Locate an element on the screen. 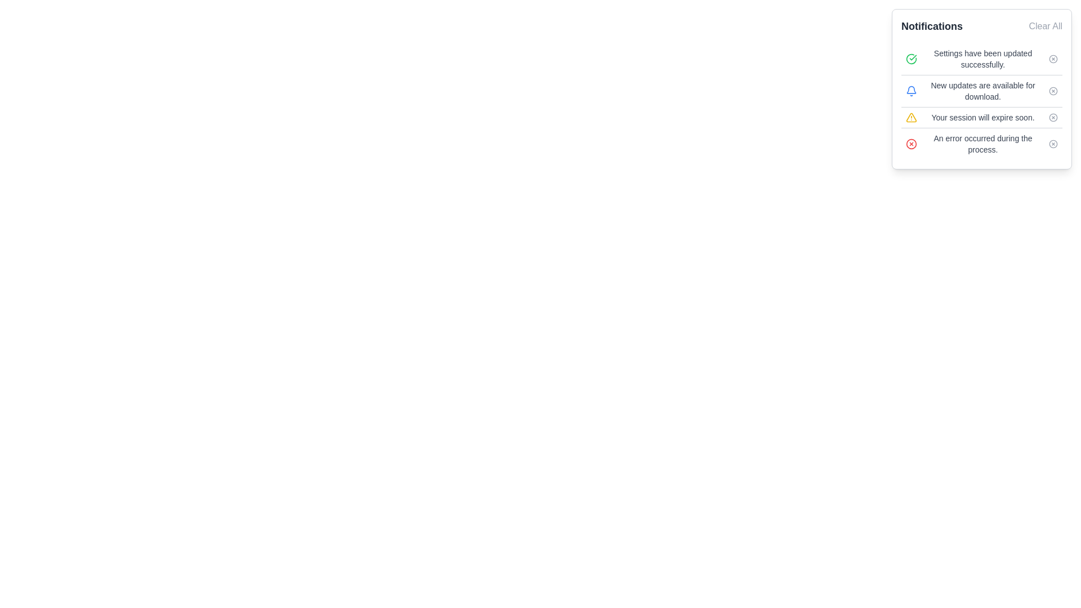  SVG Circle element located at the bottom-right corner of the notification popup, which serves as a graphical decoration for a notification action indicator is located at coordinates (1053, 142).